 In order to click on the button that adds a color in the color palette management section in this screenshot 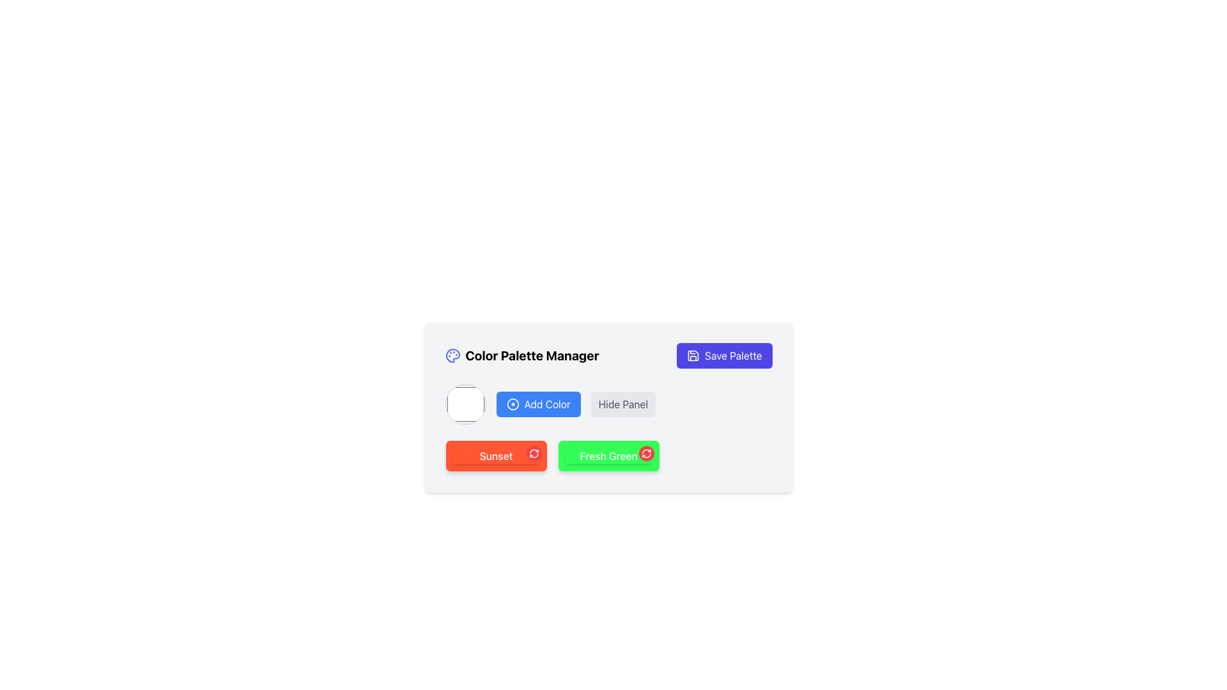, I will do `click(538, 404)`.